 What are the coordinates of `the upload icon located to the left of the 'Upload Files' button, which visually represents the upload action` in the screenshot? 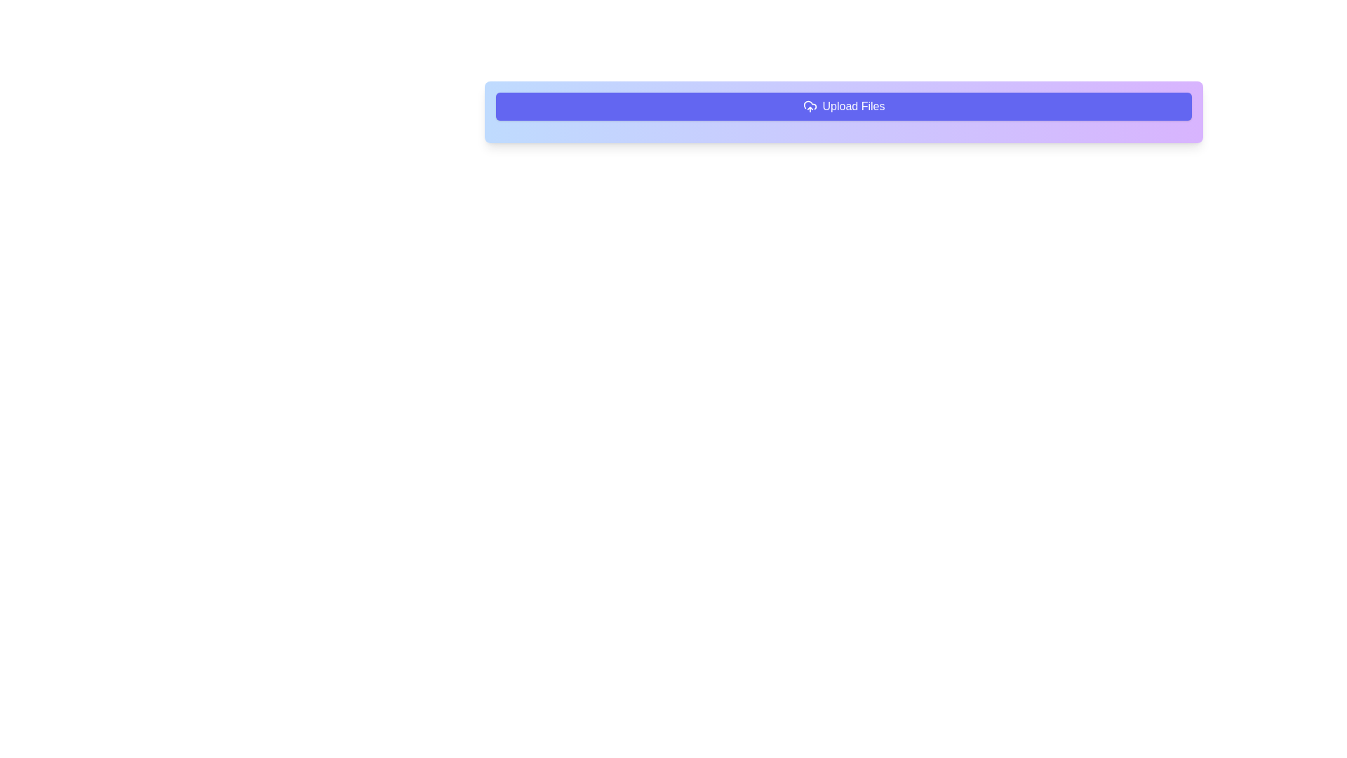 It's located at (810, 105).